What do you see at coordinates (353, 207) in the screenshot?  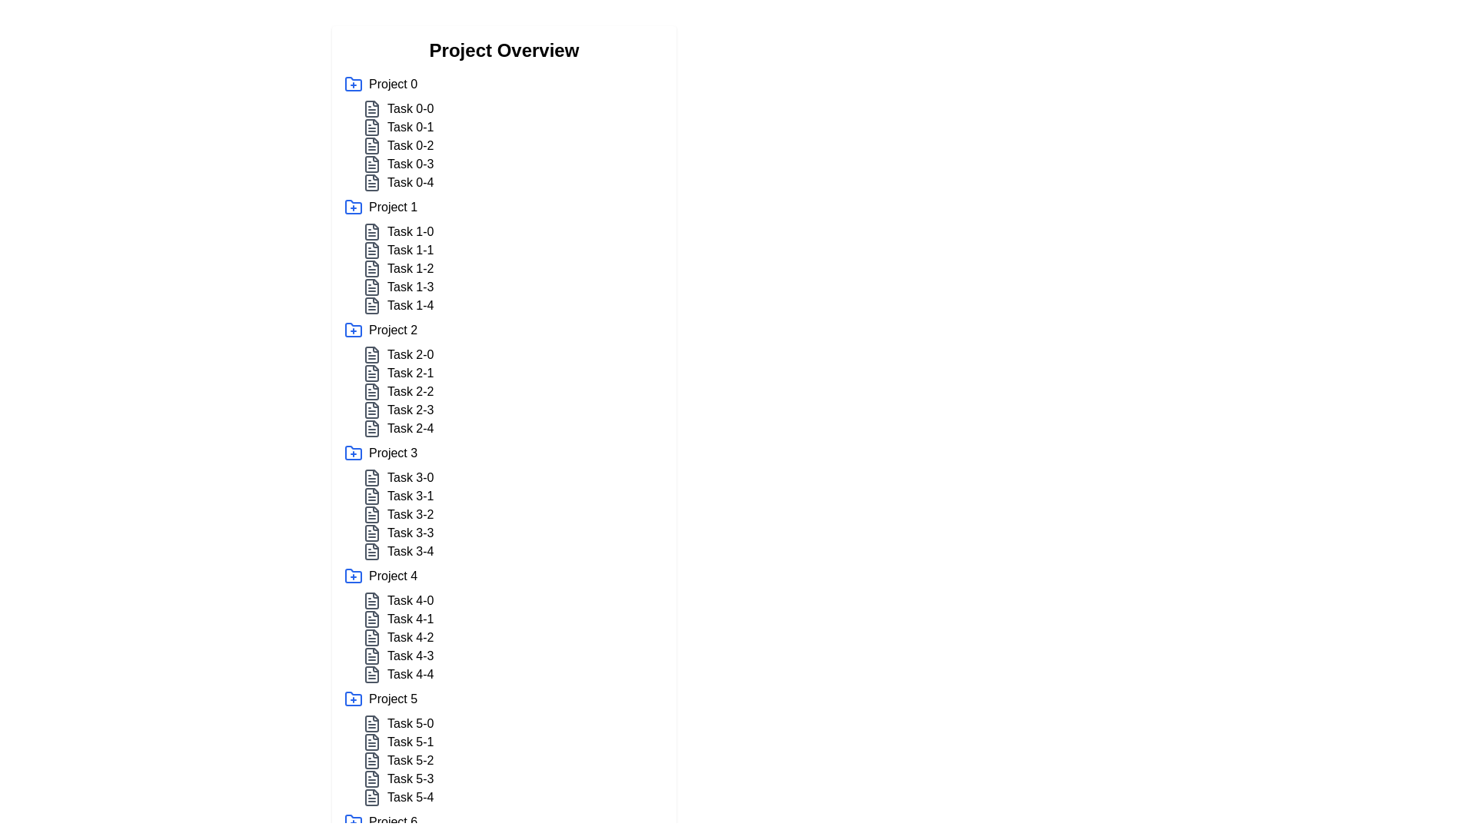 I see `the icon button located immediately to the left of the text 'Project 1'` at bounding box center [353, 207].